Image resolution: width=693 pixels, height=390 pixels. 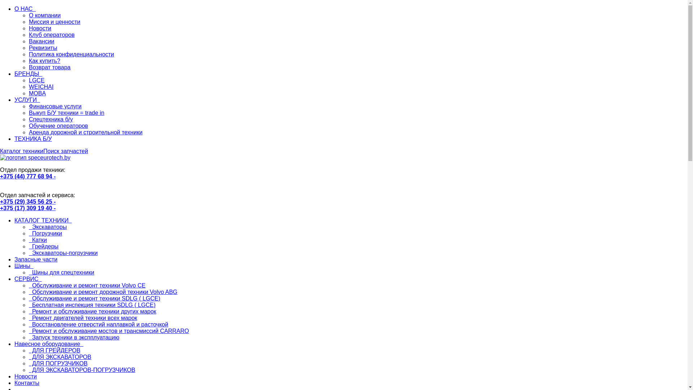 I want to click on '+375 (17) 309 19 40 -', so click(x=27, y=208).